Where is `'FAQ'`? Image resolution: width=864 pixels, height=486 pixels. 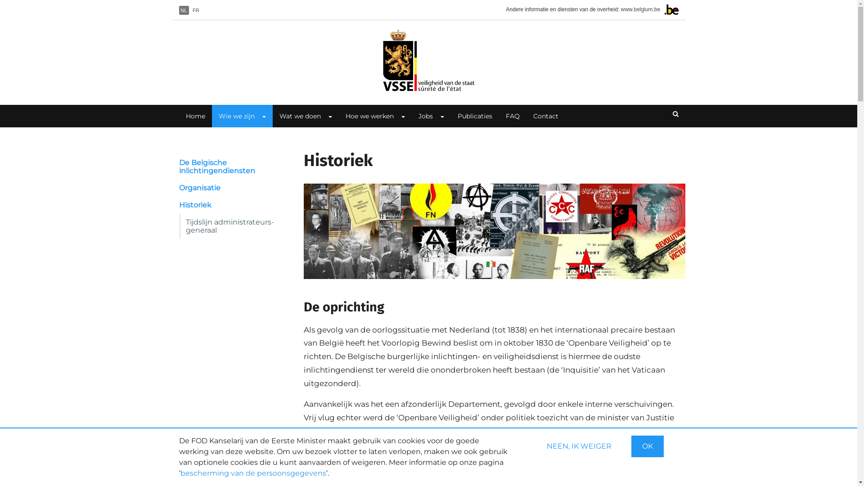 'FAQ' is located at coordinates (512, 116).